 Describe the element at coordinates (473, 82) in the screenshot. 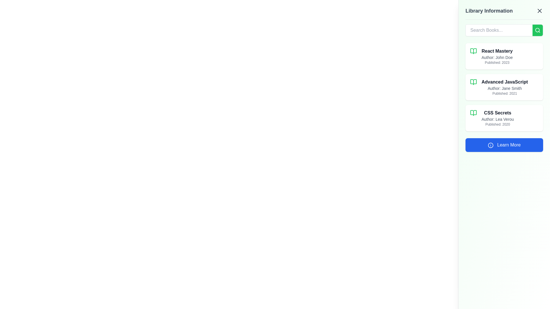

I see `the green rounded corner SVG book icon located at the top-left corner of the list entry labeled 'Advanced JavaScript.'` at that location.